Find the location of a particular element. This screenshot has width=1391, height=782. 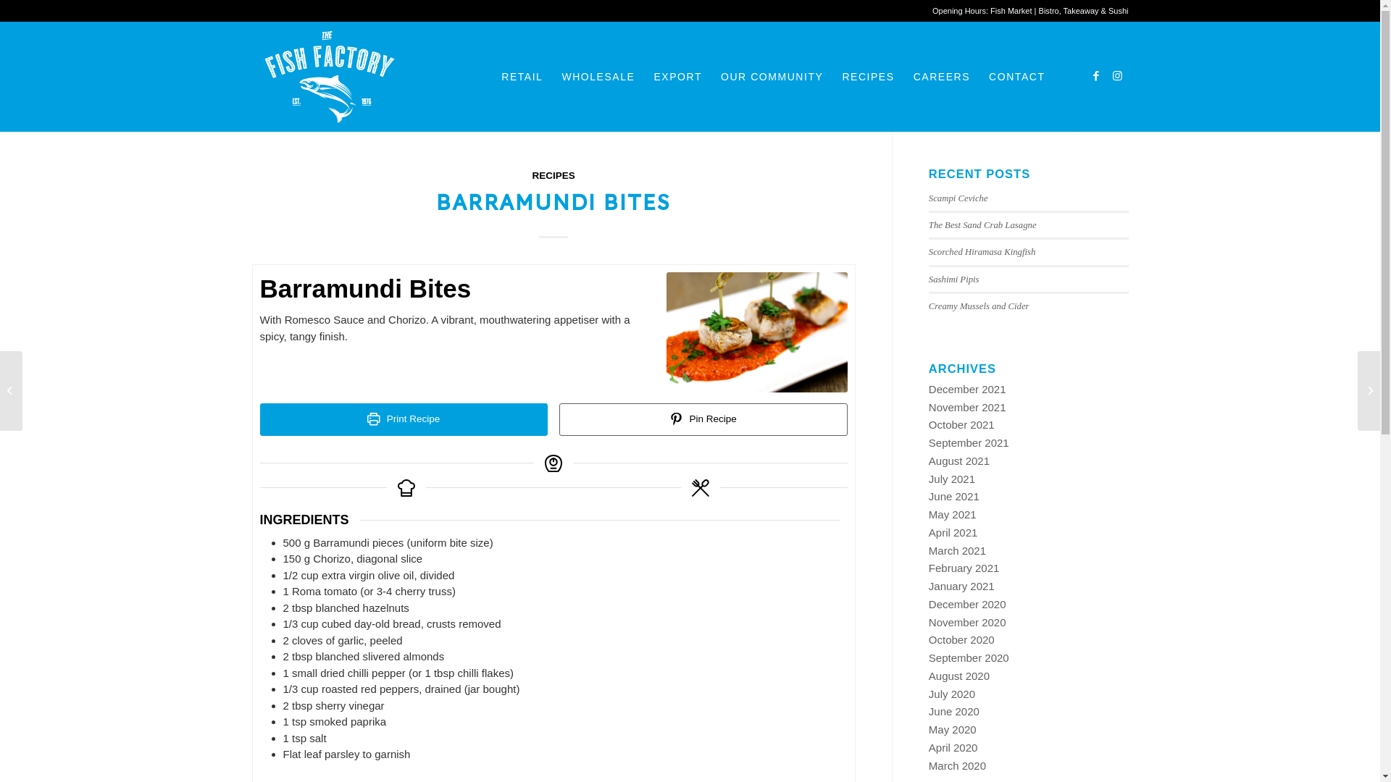

'BARRAMUNDI BITES' is located at coordinates (553, 199).